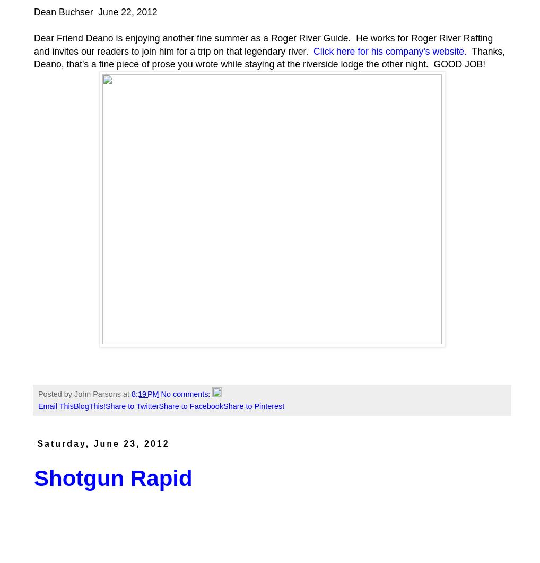  Describe the element at coordinates (112, 478) in the screenshot. I see `'Shotgun Rapid'` at that location.